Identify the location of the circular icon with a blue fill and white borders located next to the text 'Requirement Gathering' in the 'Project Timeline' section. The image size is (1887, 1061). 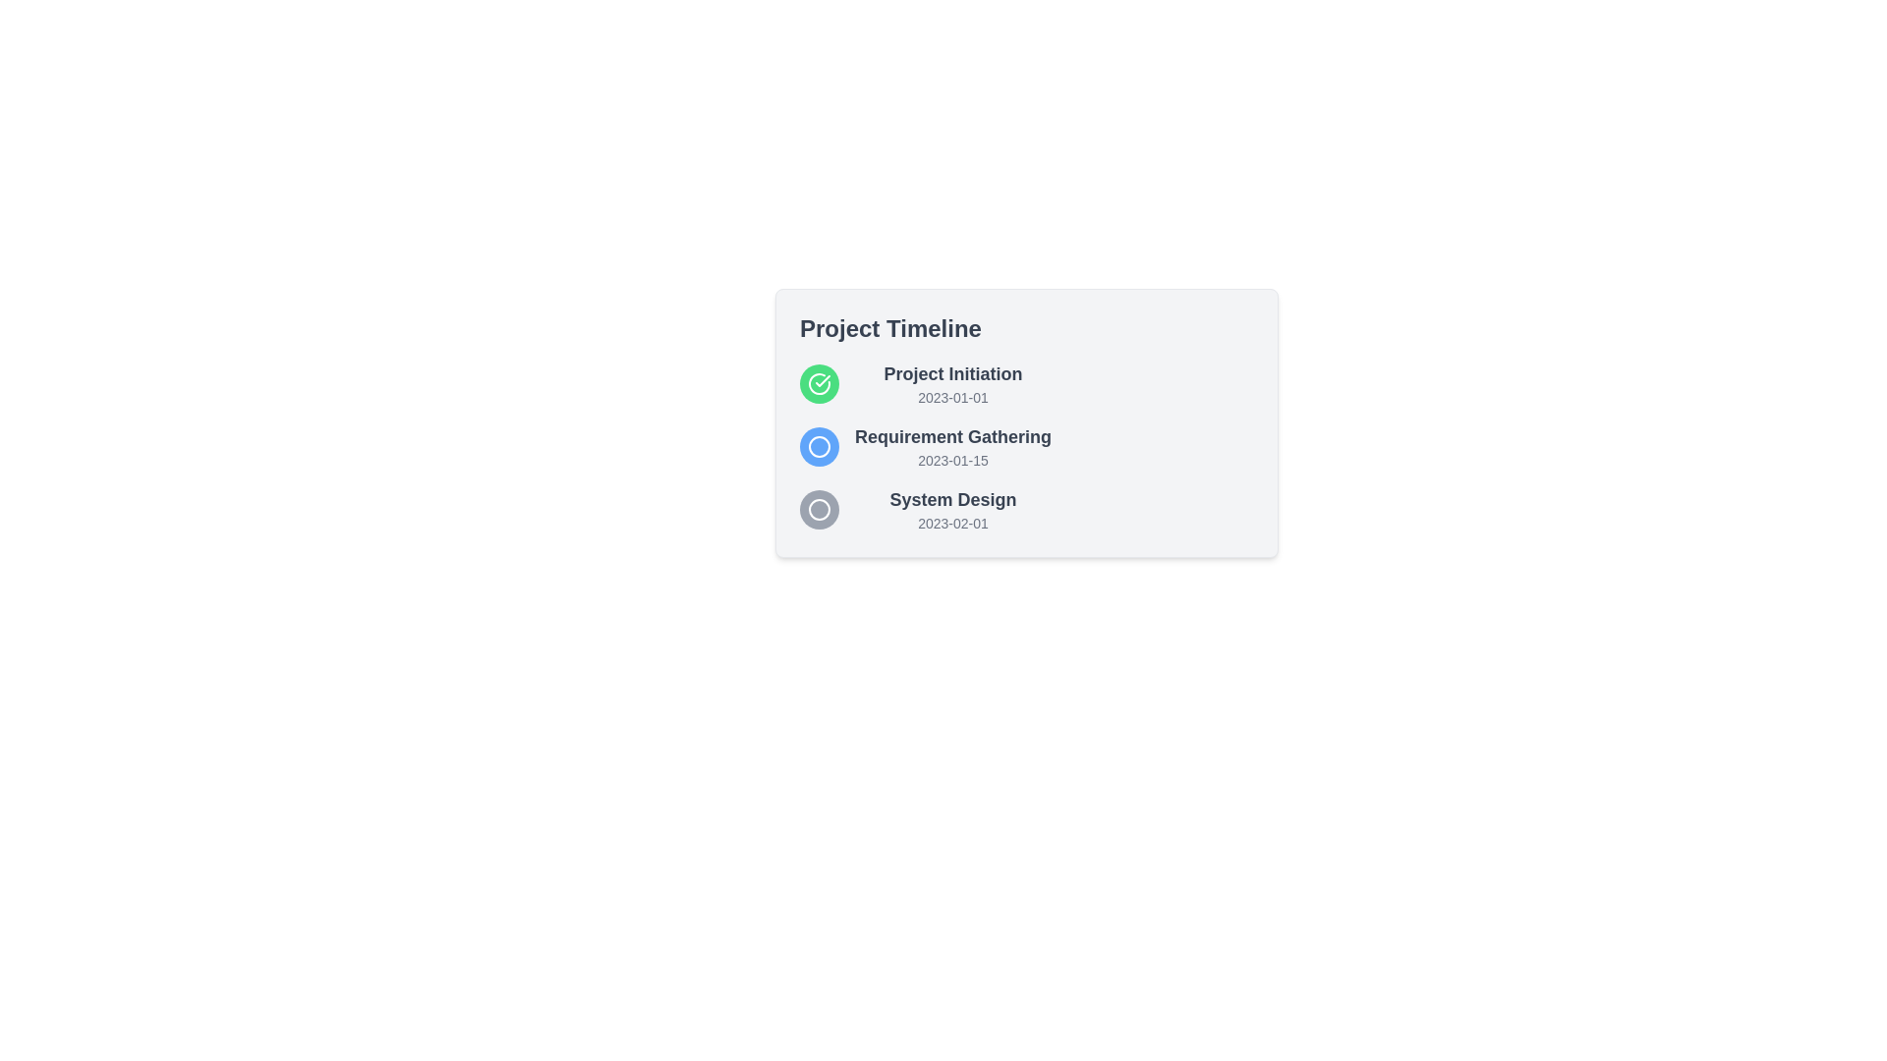
(820, 447).